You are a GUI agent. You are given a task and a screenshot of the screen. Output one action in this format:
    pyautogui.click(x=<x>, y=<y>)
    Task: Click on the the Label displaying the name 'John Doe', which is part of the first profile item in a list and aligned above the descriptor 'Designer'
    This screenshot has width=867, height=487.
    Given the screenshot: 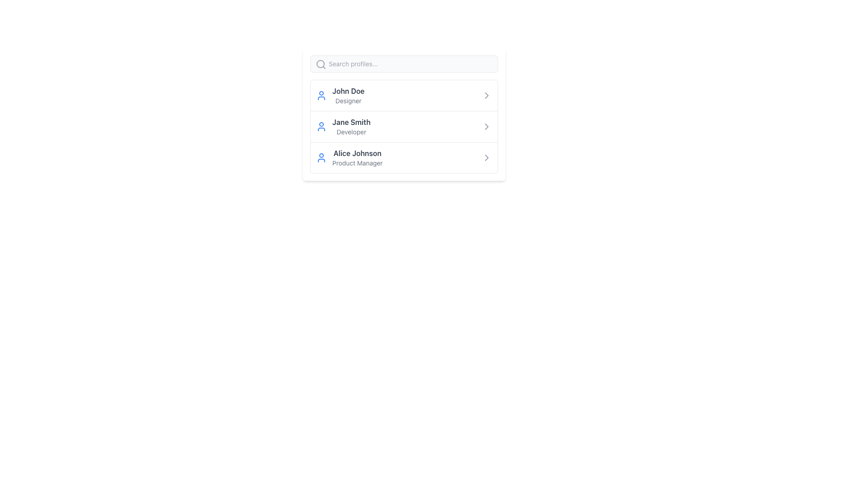 What is the action you would take?
    pyautogui.click(x=348, y=91)
    